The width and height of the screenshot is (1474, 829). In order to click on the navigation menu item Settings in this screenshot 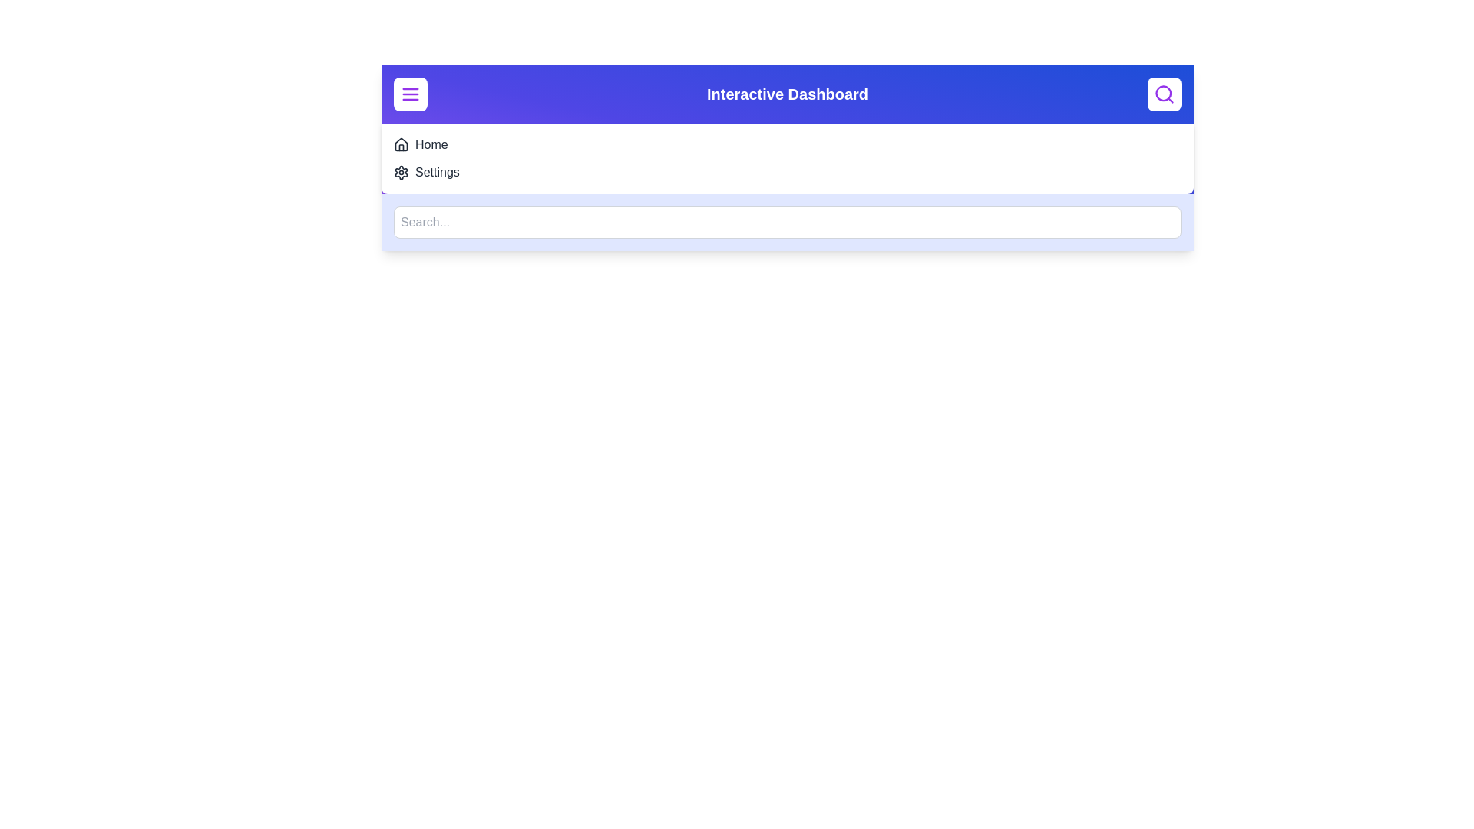, I will do `click(436, 172)`.